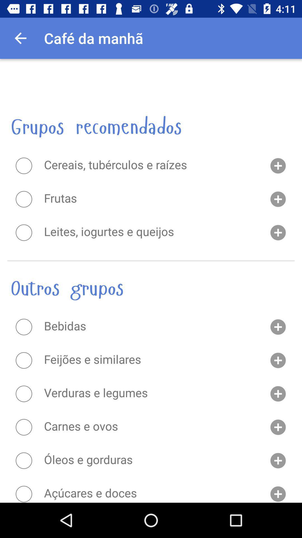 This screenshot has height=538, width=302. Describe the element at coordinates (23, 327) in the screenshot. I see `option` at that location.